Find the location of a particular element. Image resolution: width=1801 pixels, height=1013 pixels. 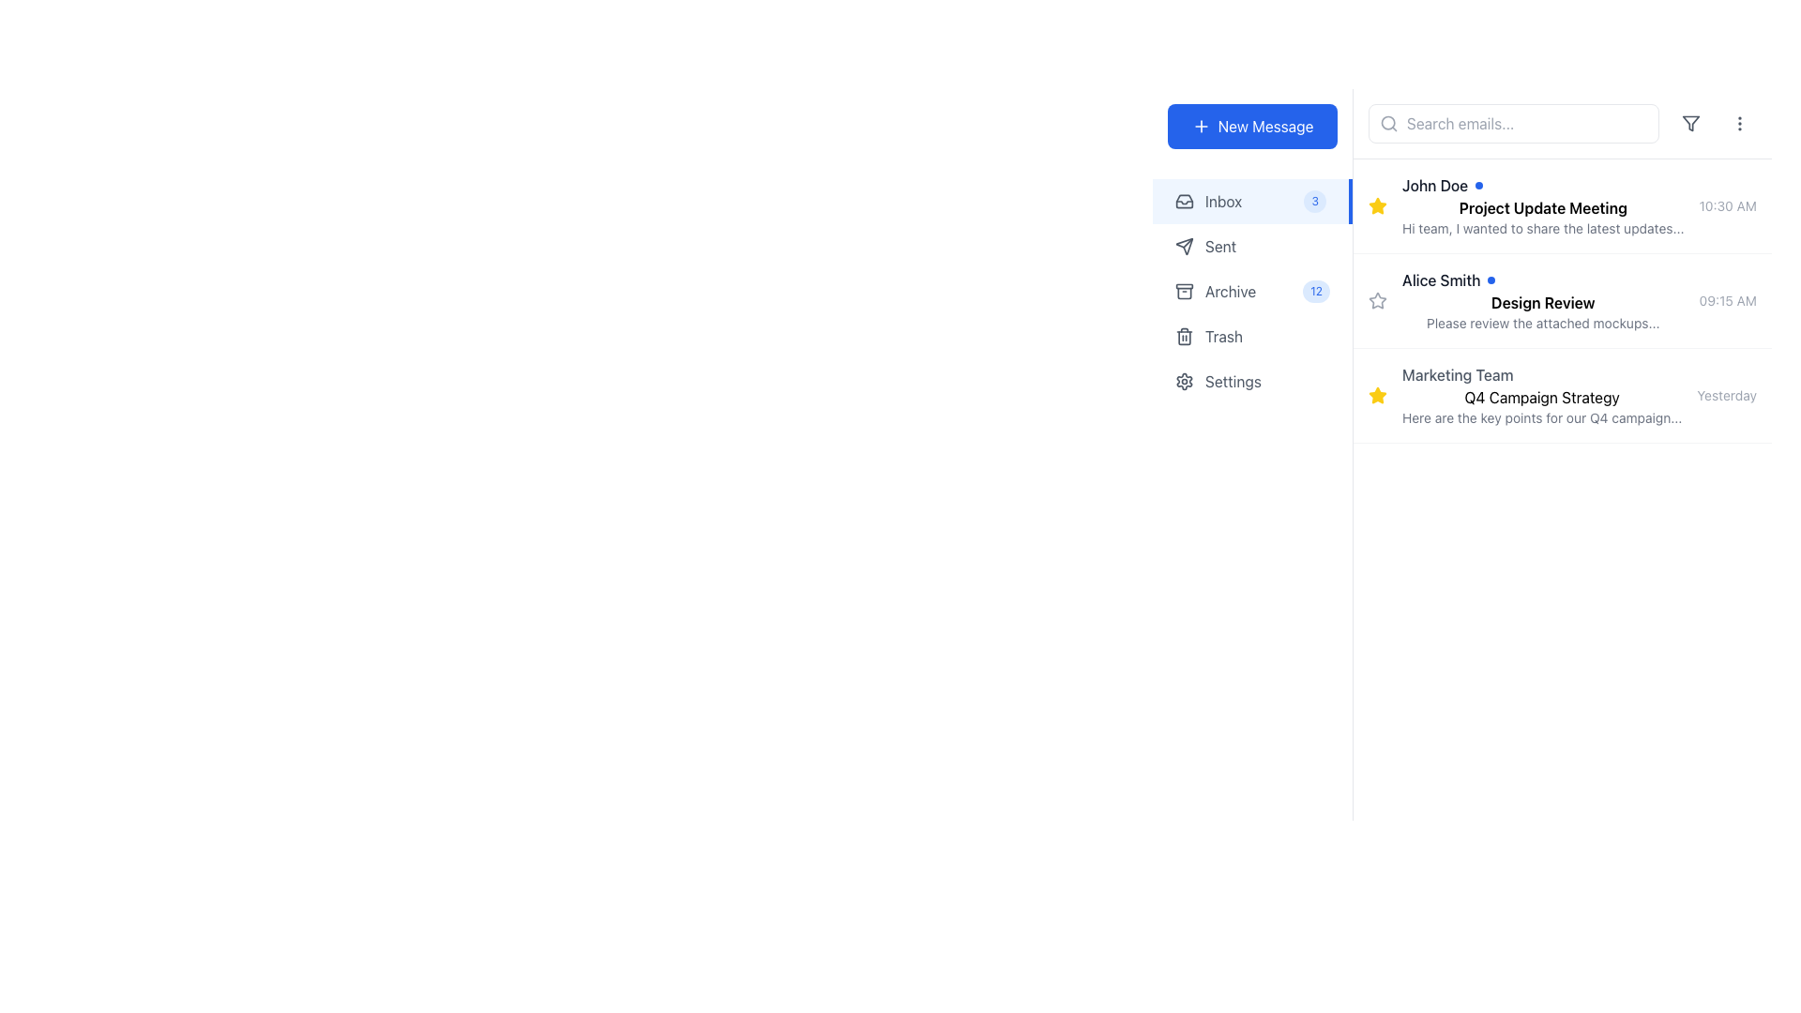

the fourth item in the left sidebar navigation menu, which serves as a button is located at coordinates (1251, 335).